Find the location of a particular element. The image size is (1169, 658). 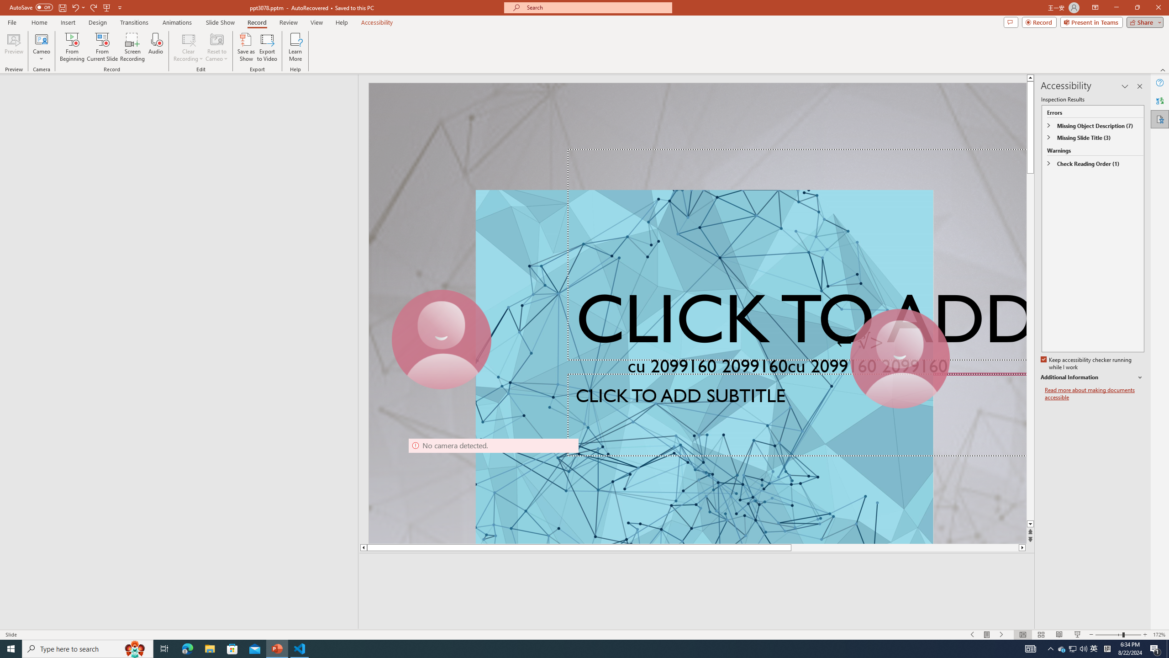

'Outline' is located at coordinates (182, 92).